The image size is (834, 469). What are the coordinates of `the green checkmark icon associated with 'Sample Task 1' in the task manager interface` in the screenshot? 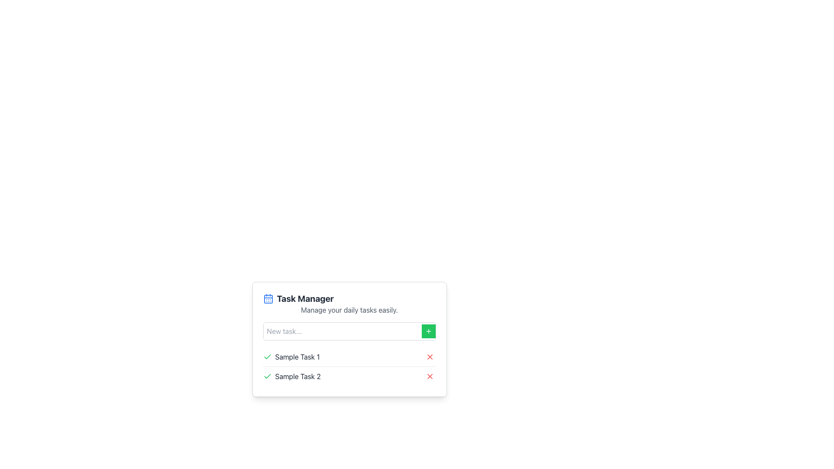 It's located at (267, 376).